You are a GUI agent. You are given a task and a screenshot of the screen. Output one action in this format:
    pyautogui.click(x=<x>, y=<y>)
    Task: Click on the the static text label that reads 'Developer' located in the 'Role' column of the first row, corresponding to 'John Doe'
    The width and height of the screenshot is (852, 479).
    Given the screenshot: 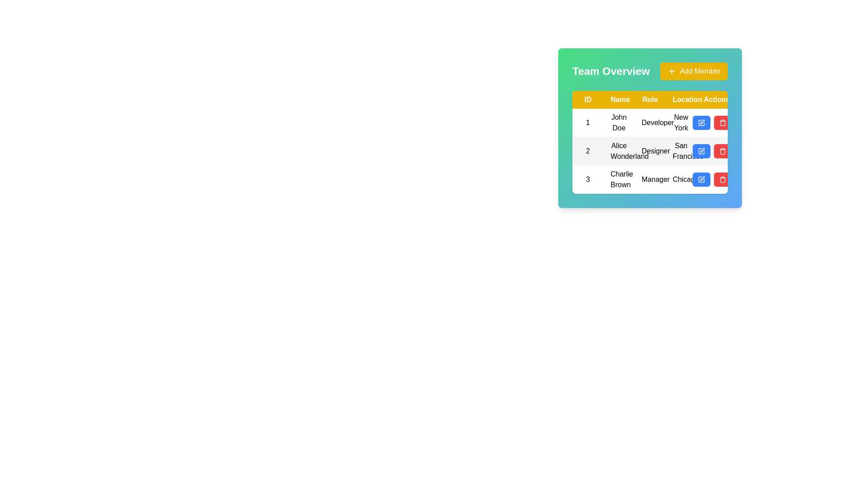 What is the action you would take?
    pyautogui.click(x=650, y=123)
    